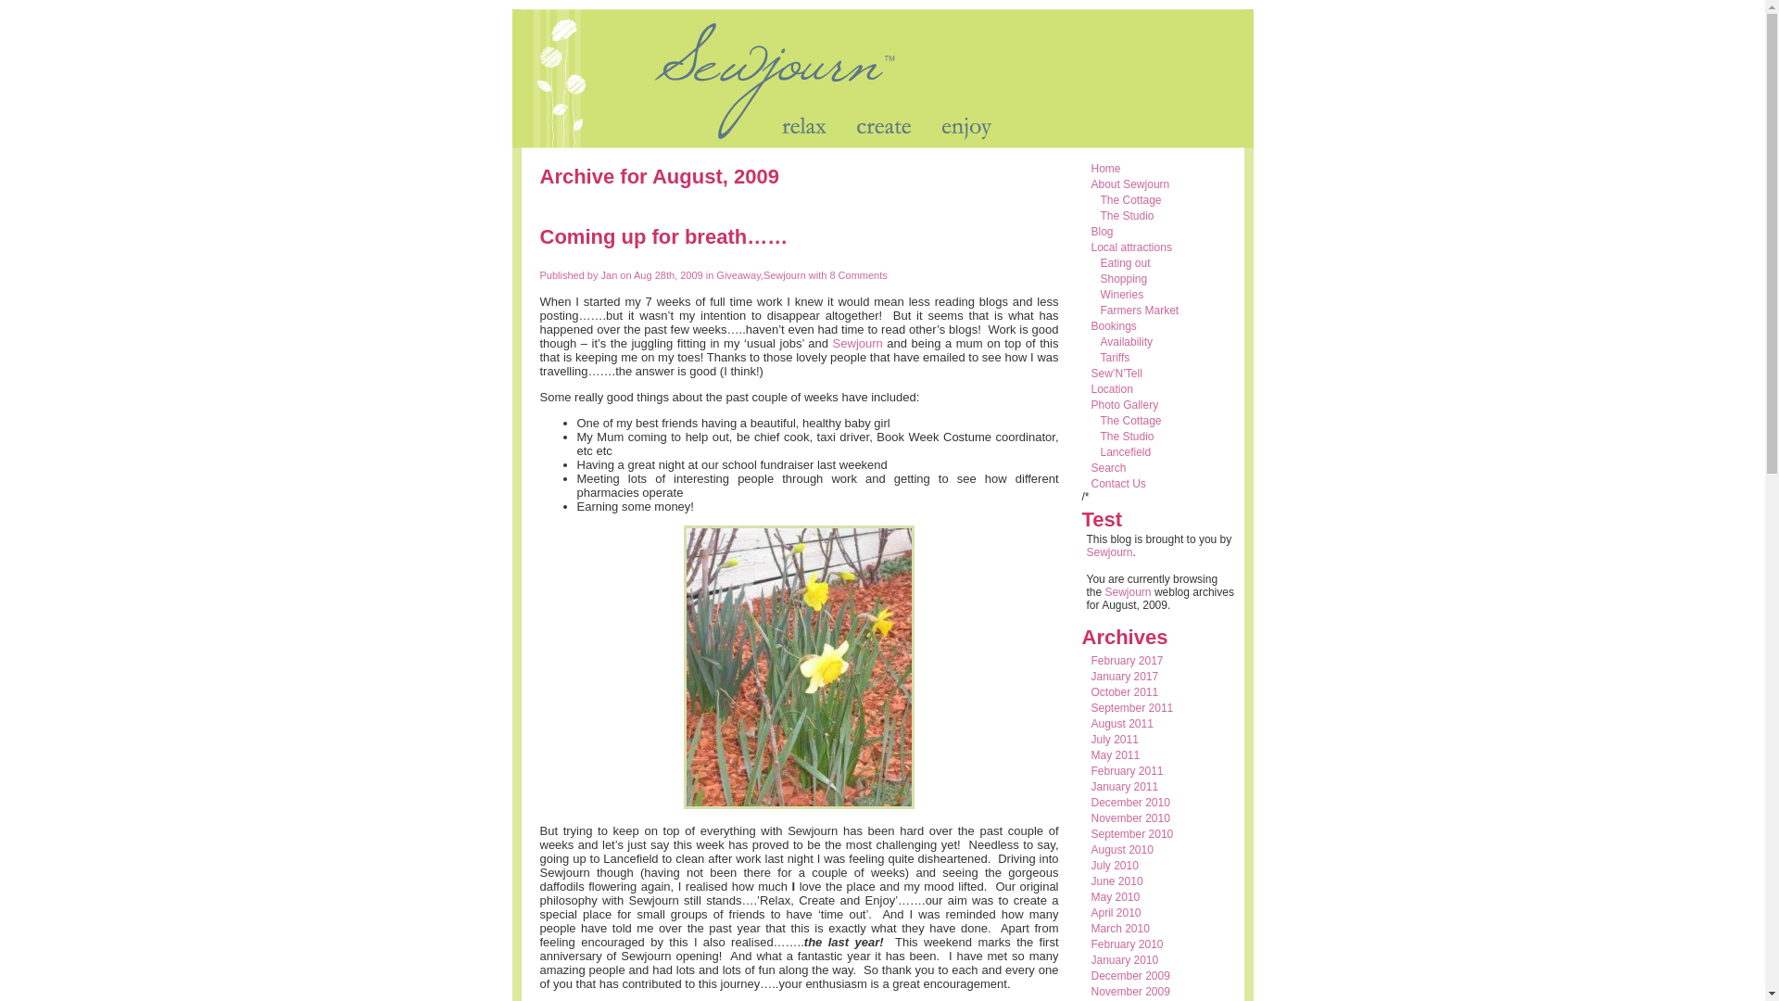 The width and height of the screenshot is (1779, 1001). I want to click on 'Availability', so click(1125, 342).